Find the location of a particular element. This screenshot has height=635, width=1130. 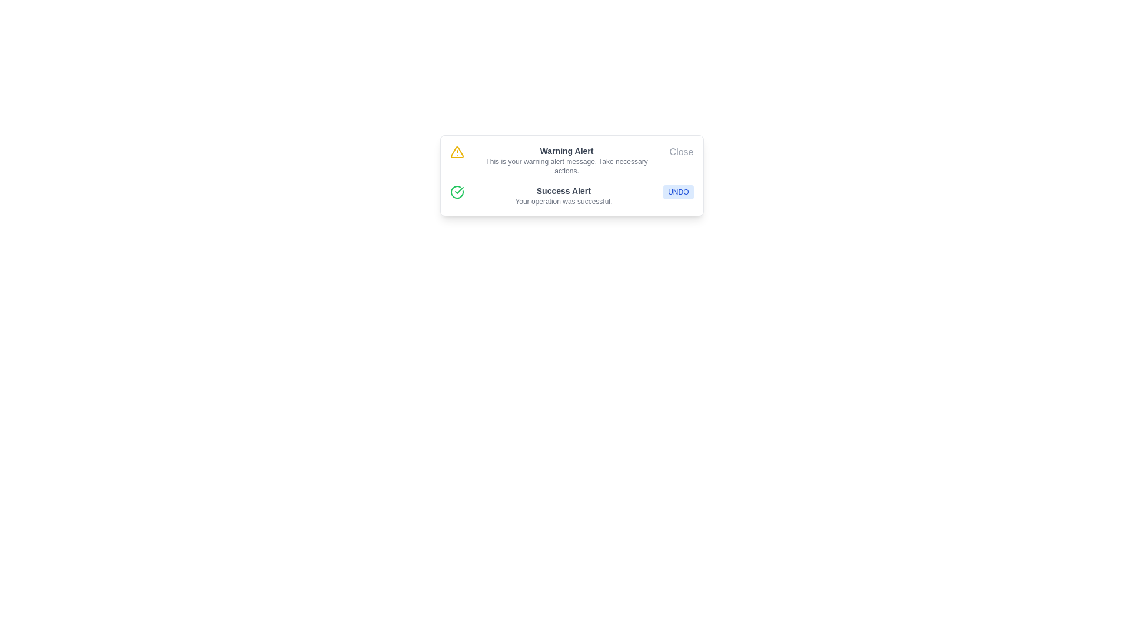

the green checkmark icon inside a circle located in the 'Success Alert' section, just to the left of the text 'Success Alert' is located at coordinates (456, 192).